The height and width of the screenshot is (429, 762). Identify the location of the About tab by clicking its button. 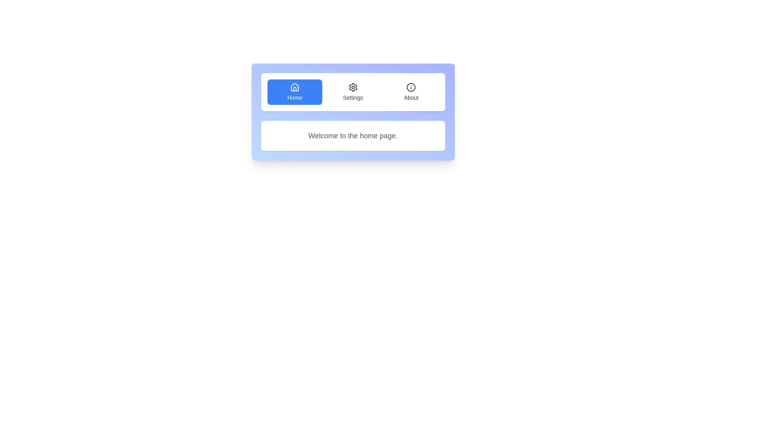
(411, 91).